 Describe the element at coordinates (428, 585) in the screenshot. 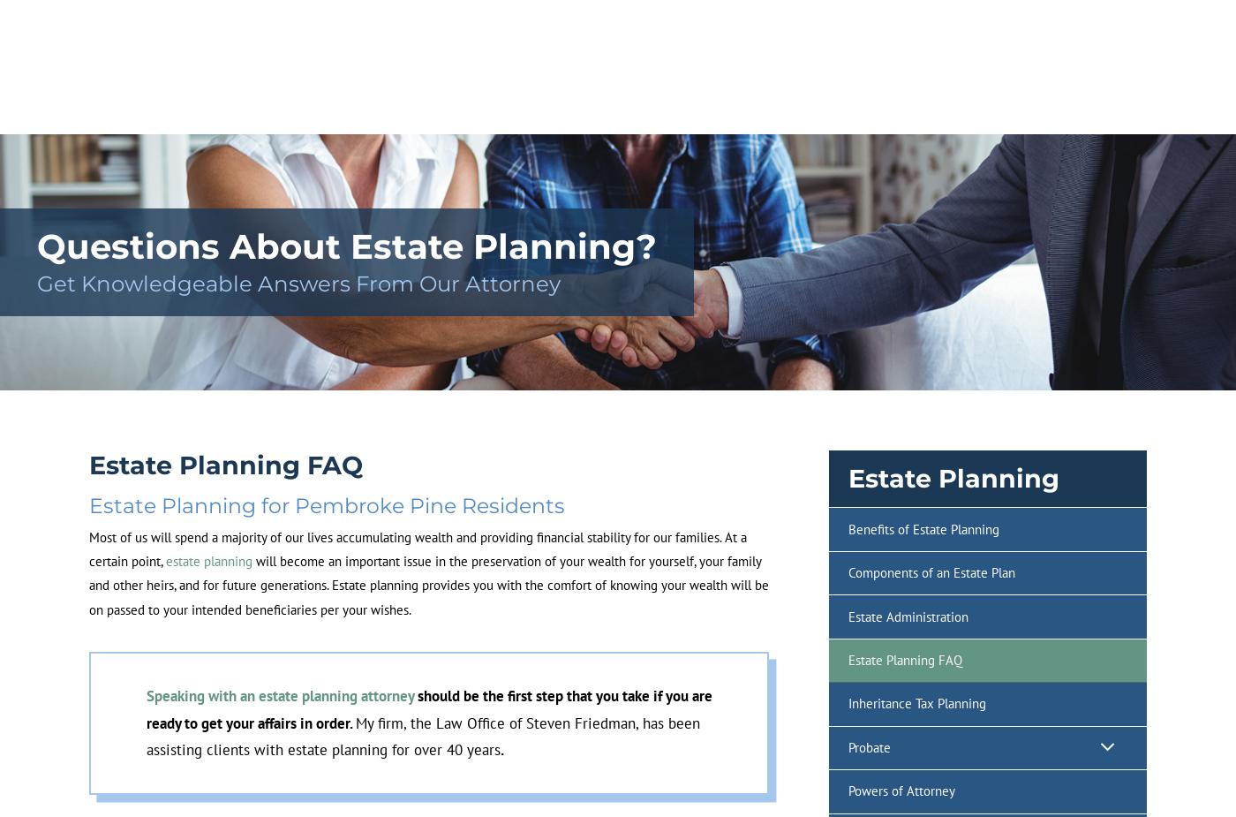

I see `'will become an important issue in the preservation of your wealth for
	 yourself, your family and other heirs, and for future generations. Estate
	 planning provides you with the comfort of knowing your wealth will be
	 on passed to your intended beneficiaries per your wishes.'` at that location.